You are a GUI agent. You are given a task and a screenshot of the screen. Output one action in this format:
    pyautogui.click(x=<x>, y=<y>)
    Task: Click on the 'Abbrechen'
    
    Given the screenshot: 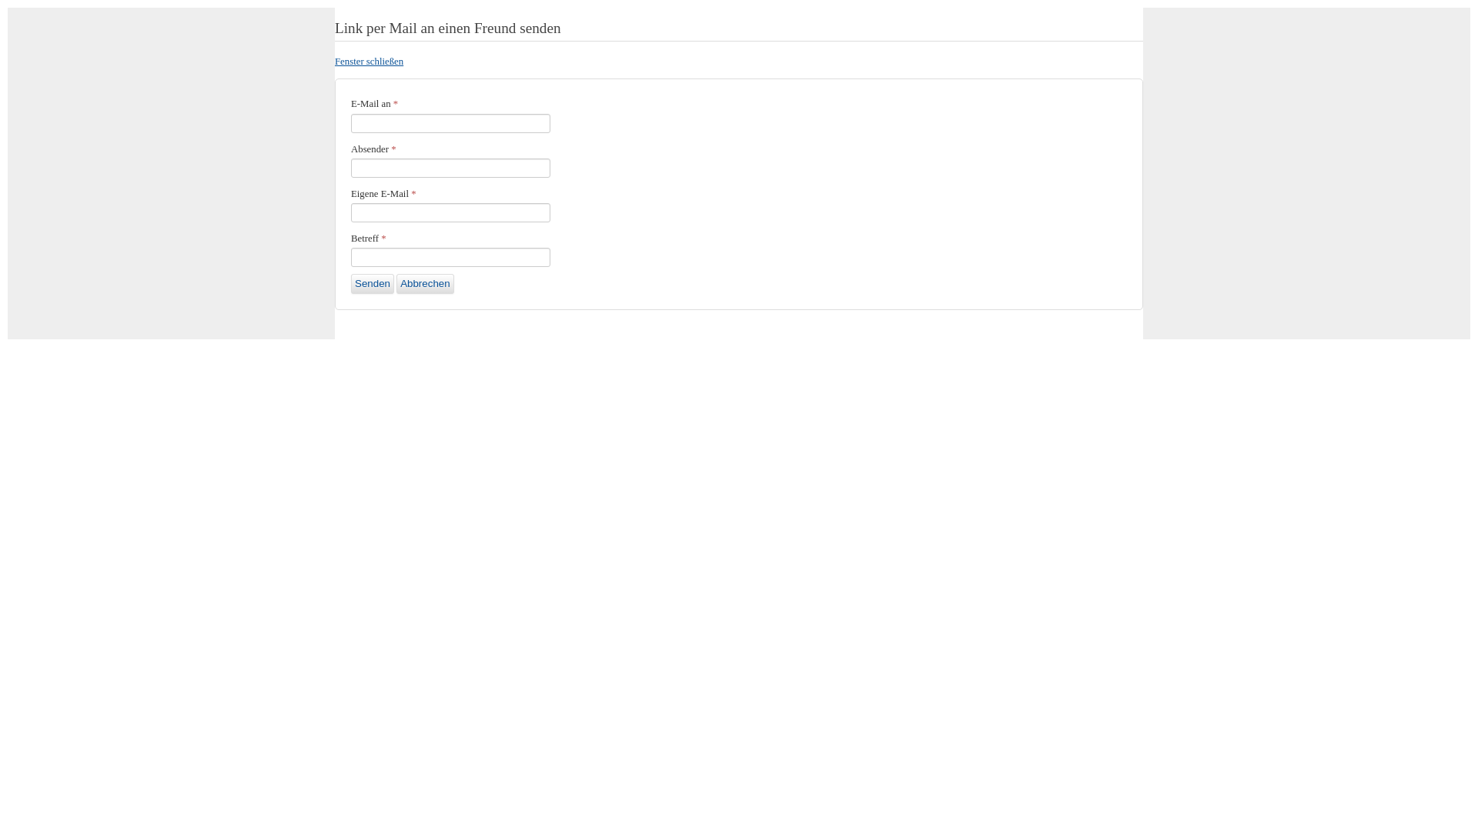 What is the action you would take?
    pyautogui.click(x=425, y=284)
    